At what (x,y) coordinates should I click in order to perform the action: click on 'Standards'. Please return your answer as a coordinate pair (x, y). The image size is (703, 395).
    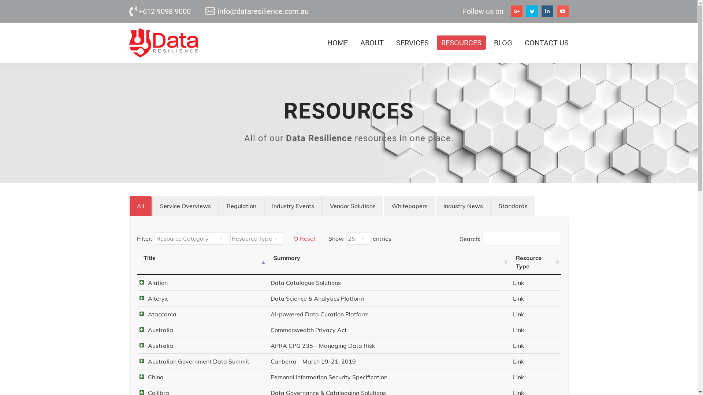
    Looking at the image, I should click on (512, 206).